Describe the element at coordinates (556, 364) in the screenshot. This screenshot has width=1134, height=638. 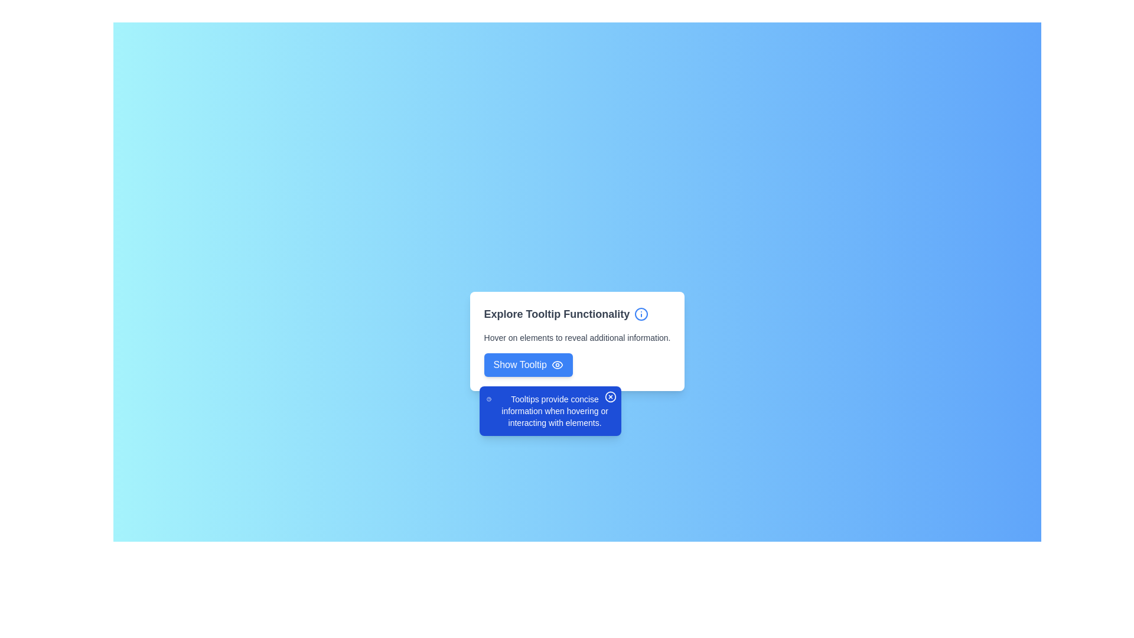
I see `the eye icon located at the right-hand side of the 'Show Tooltip' button to emphasize the tooltip functionality` at that location.